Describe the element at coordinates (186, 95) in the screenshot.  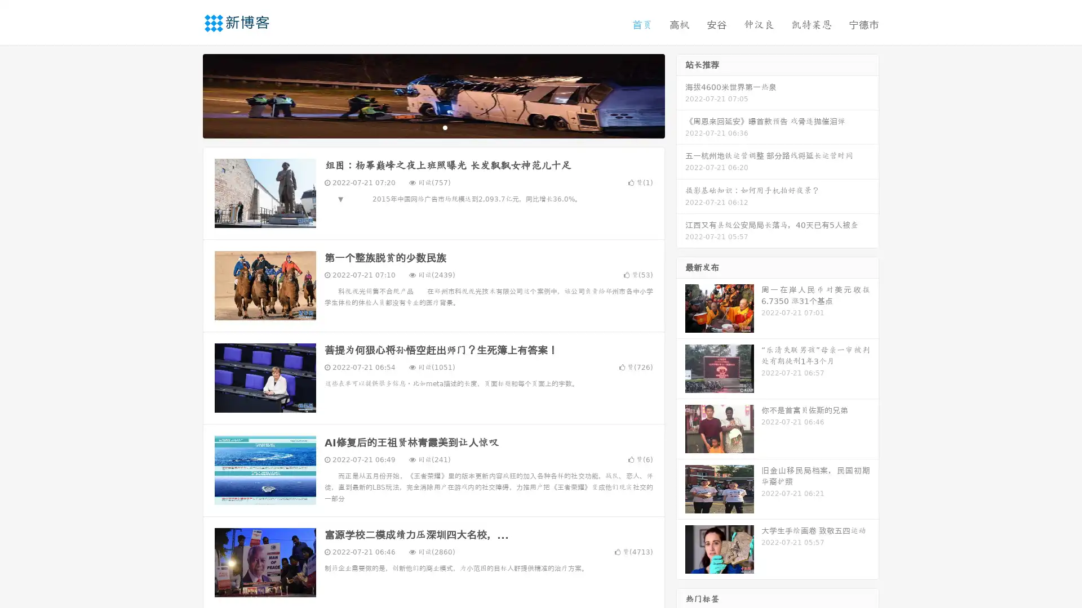
I see `Previous slide` at that location.